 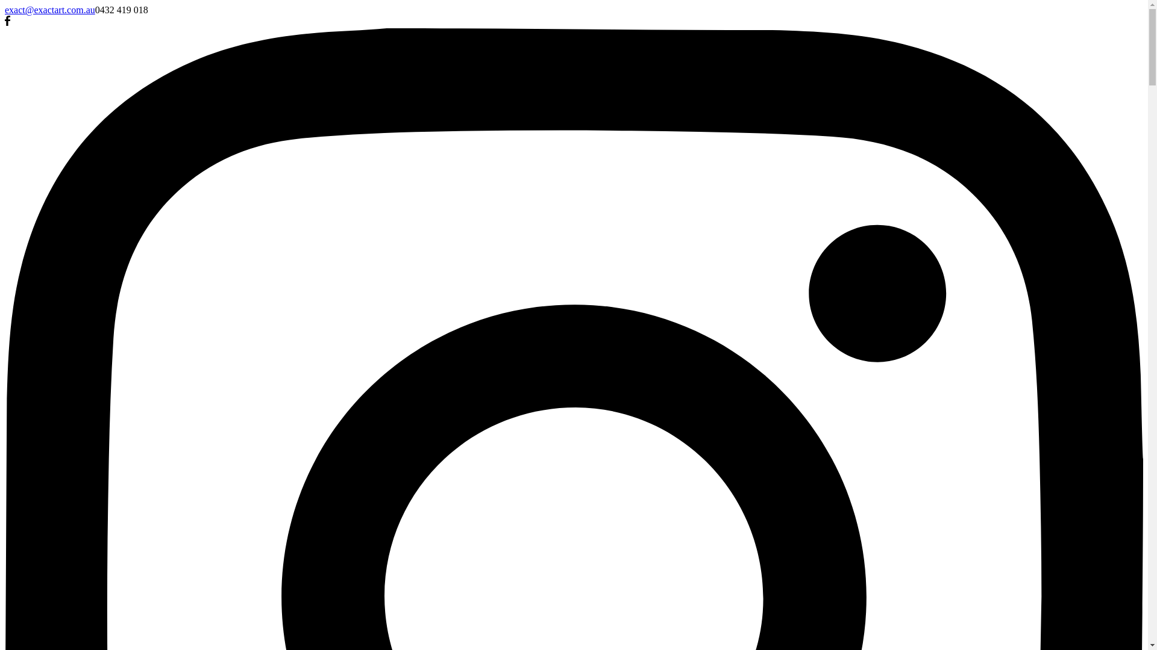 I want to click on 'A link to this website's Facebook.', so click(x=7, y=22).